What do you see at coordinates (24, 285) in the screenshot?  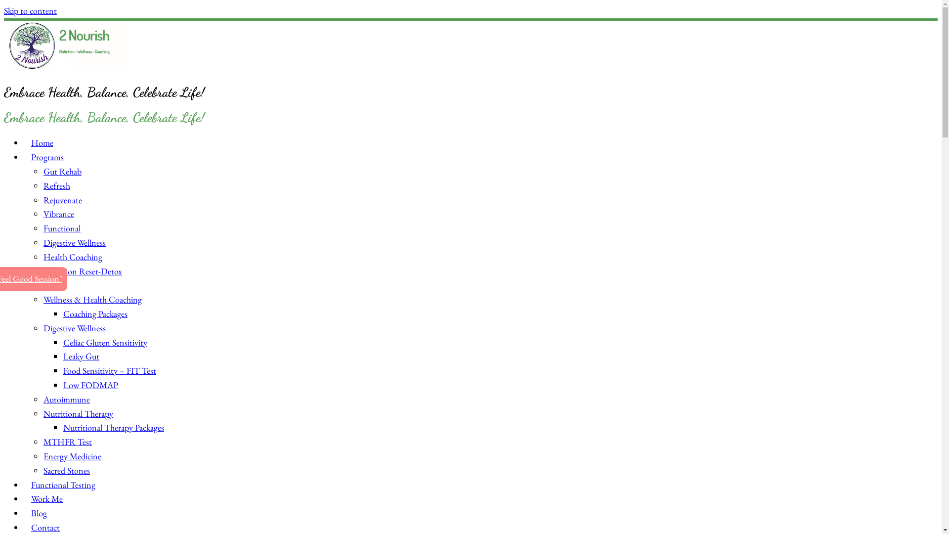 I see `'Offerings'` at bounding box center [24, 285].